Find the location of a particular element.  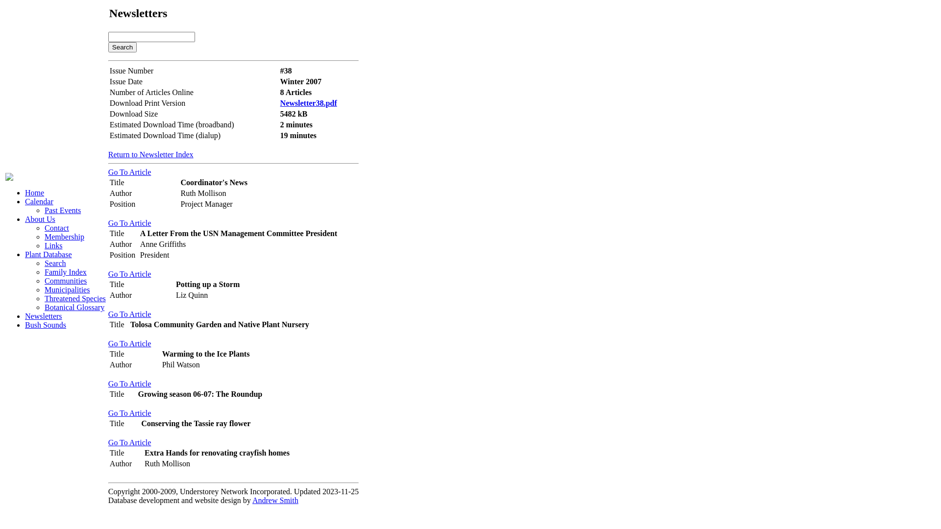

'Contact' is located at coordinates (56, 228).